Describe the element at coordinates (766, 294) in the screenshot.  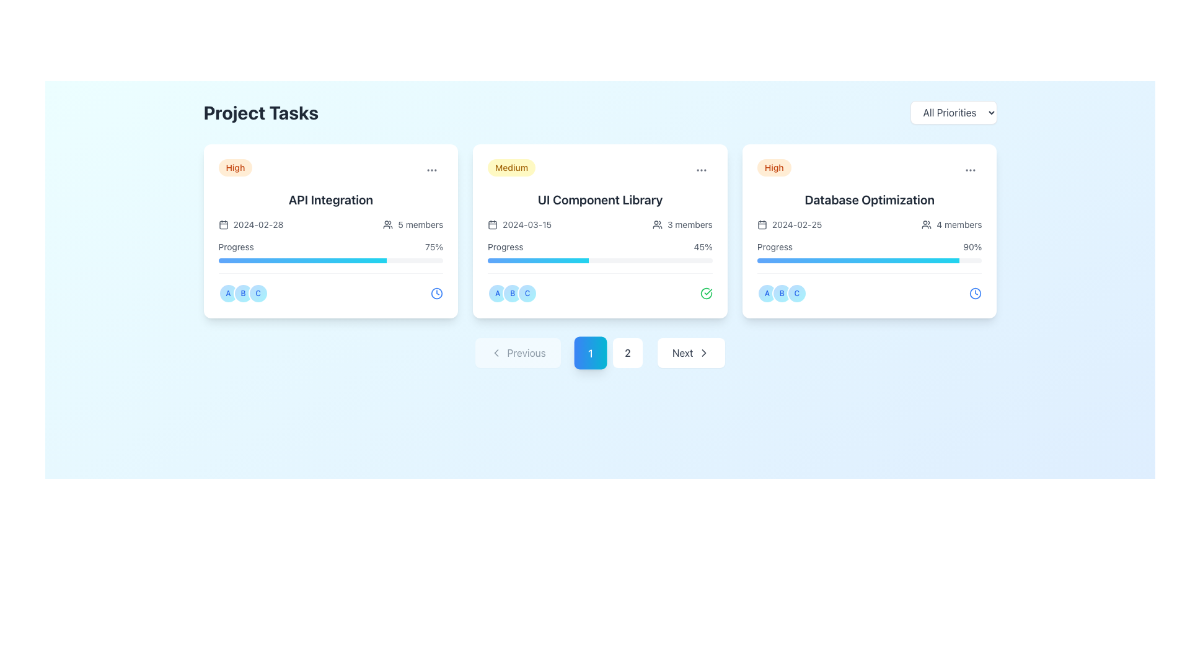
I see `the circular badge labeled 'A' which has a gradient background transitioning from blue to cyan and contains the letter 'A' in blue, for selection or navigation` at that location.